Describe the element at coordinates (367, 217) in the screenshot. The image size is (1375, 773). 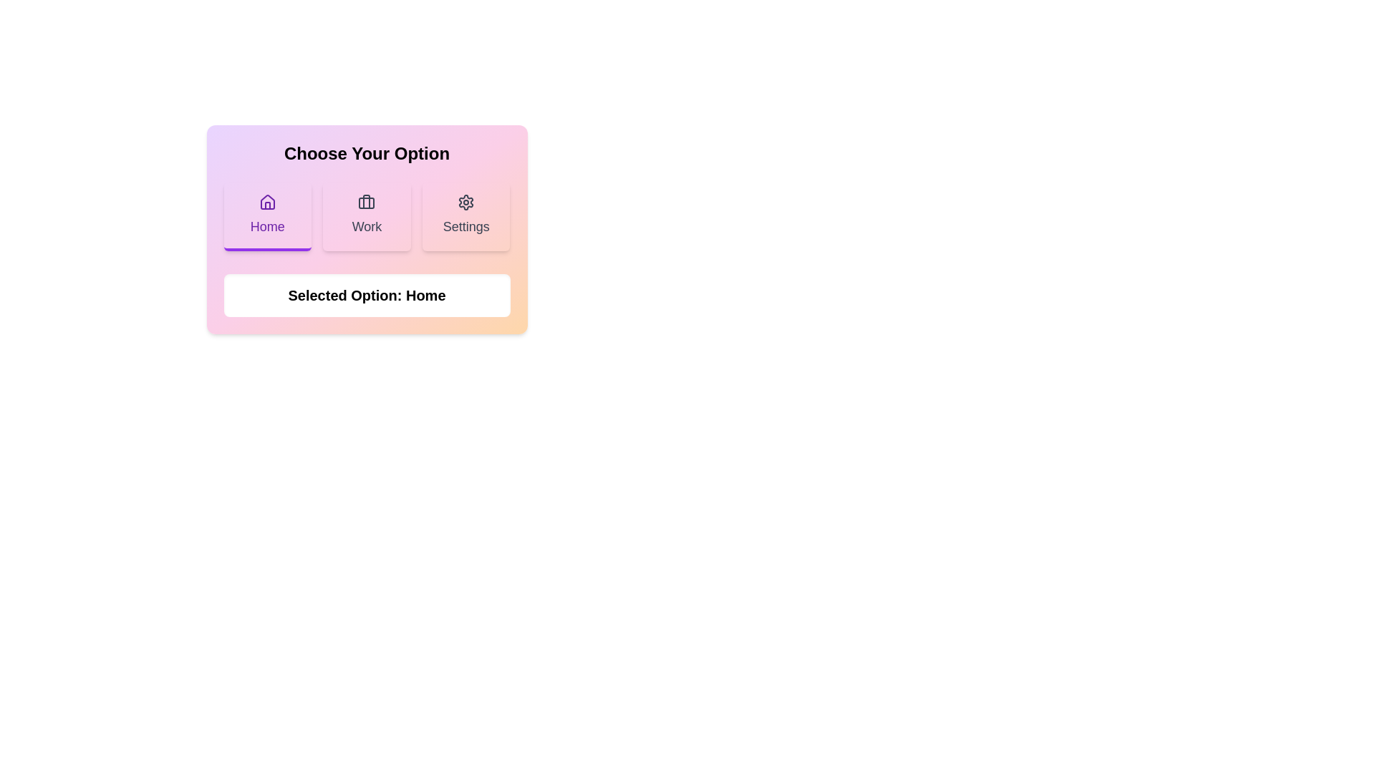
I see `the 'Work' button, which is a rectangular button with a light gray text label and an icon of a briefcase` at that location.